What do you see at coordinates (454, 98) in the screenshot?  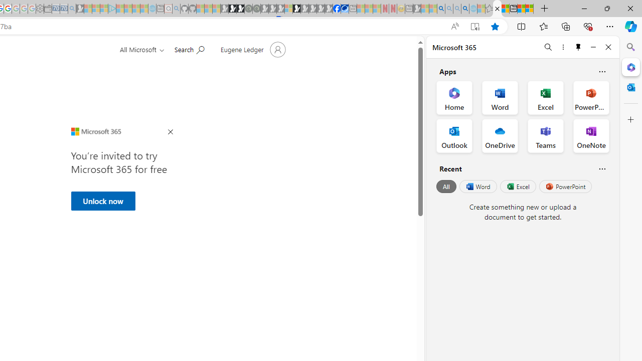 I see `'Home Office App'` at bounding box center [454, 98].